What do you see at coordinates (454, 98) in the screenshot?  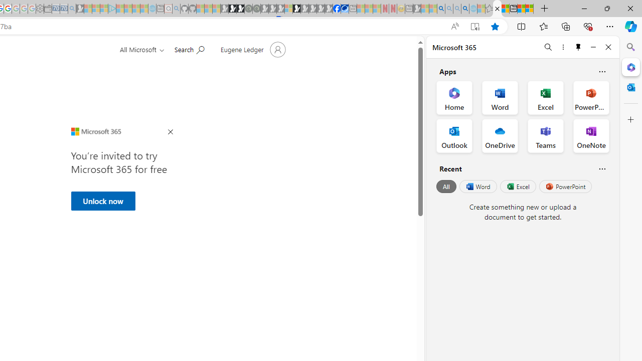 I see `'Home Office App'` at bounding box center [454, 98].